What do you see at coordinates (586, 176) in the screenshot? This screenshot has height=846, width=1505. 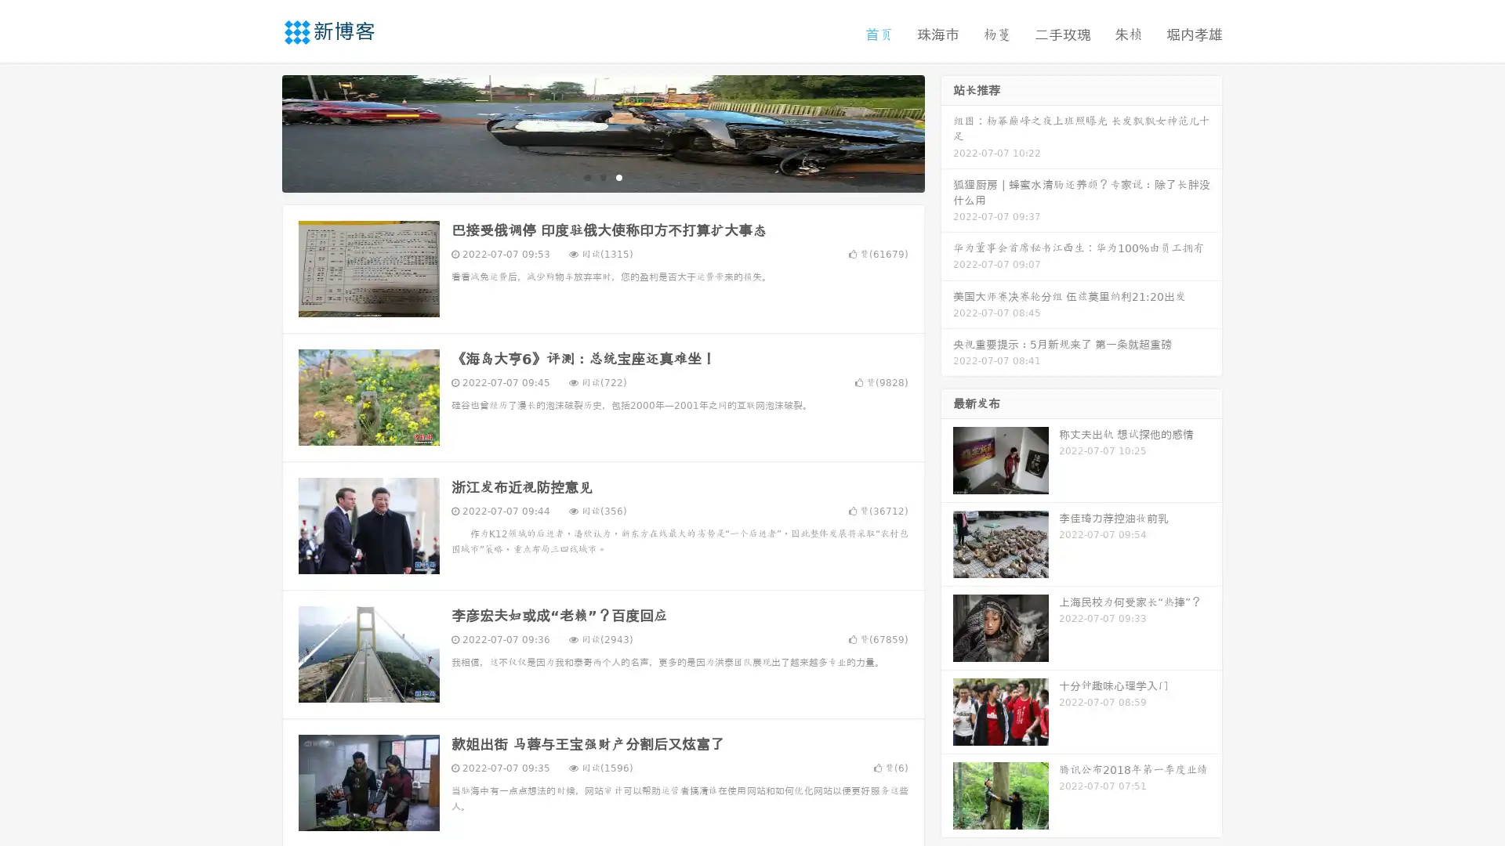 I see `Go to slide 1` at bounding box center [586, 176].